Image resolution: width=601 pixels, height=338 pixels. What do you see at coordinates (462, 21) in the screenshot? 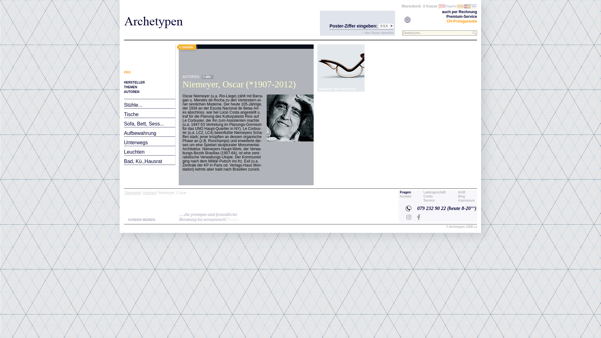
I see `'CH-Preisgarantie'` at bounding box center [462, 21].